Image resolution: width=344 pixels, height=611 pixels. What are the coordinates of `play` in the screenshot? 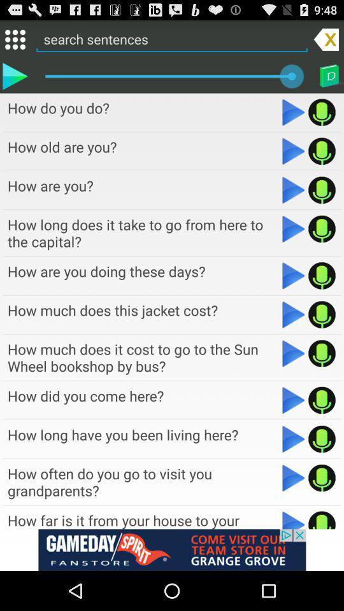 It's located at (294, 519).